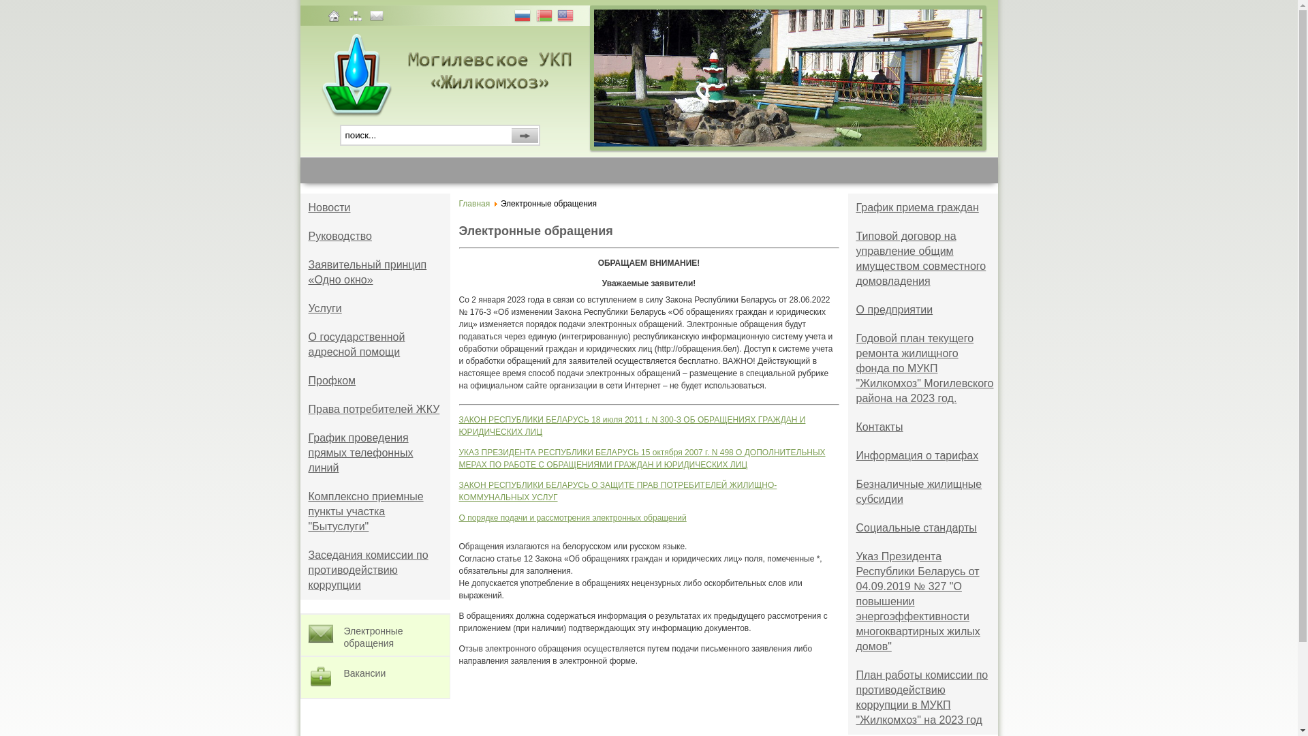  I want to click on 'Russian', so click(513, 17).